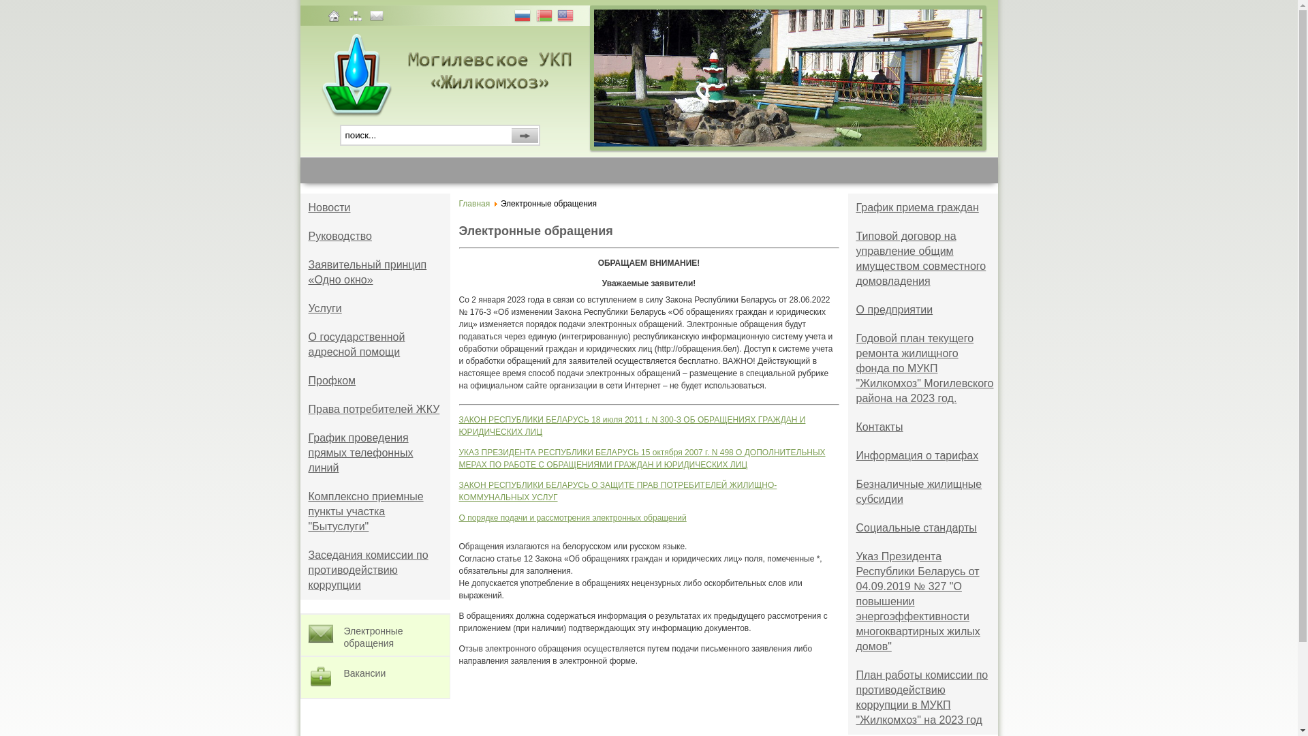  I want to click on 'Russian', so click(513, 17).